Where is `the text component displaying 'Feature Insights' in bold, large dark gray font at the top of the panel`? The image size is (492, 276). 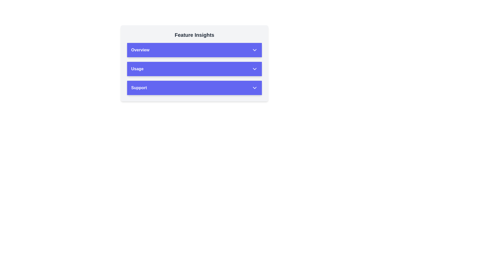 the text component displaying 'Feature Insights' in bold, large dark gray font at the top of the panel is located at coordinates (194, 35).